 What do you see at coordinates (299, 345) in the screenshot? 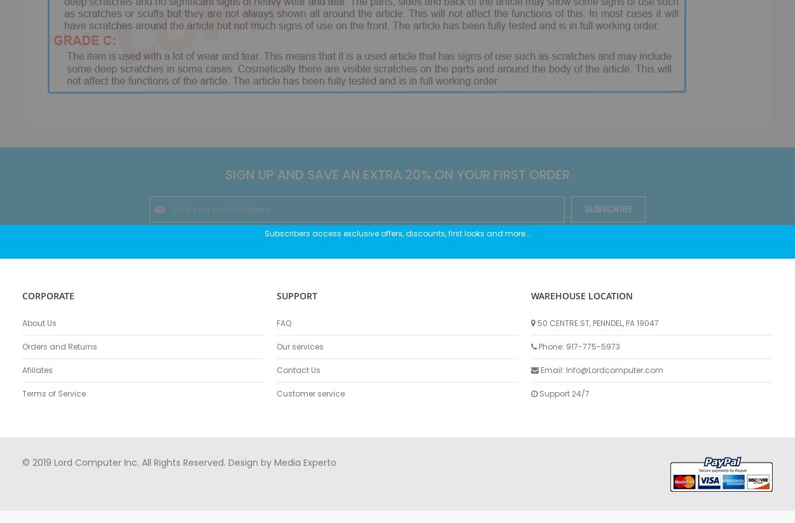
I see `'Our services'` at bounding box center [299, 345].